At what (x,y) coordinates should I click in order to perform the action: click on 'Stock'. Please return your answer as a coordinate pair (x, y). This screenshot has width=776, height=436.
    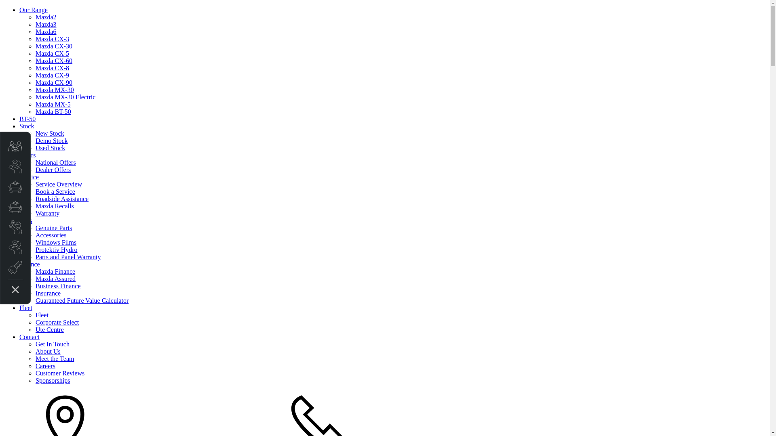
    Looking at the image, I should click on (27, 126).